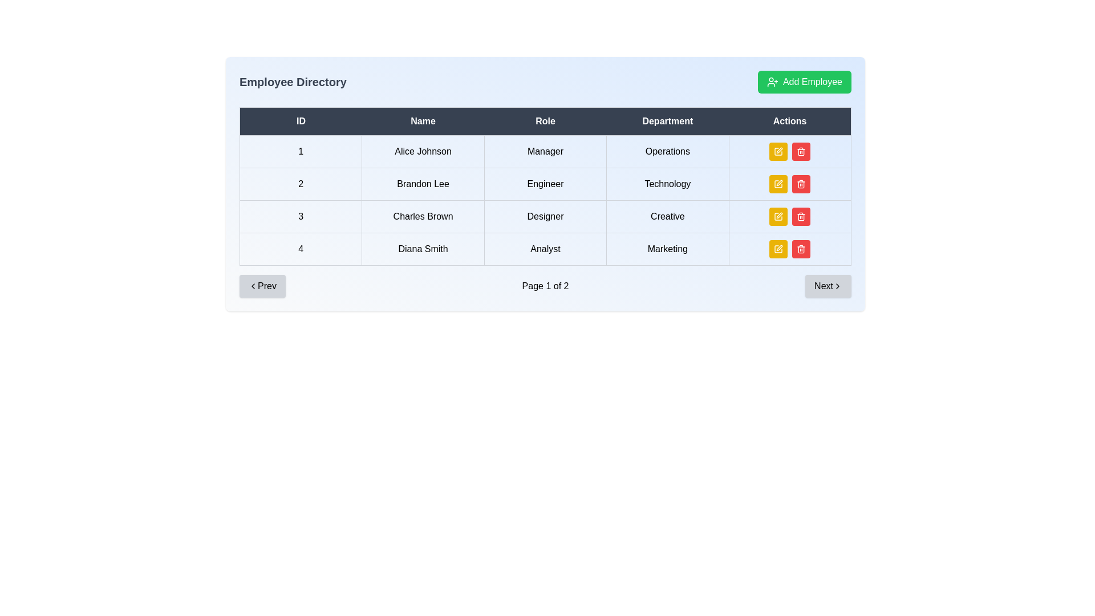 This screenshot has height=616, width=1095. I want to click on the 'Edit' icon button in the 'Actions' column for the row corresponding to 'Brandon Lee', so click(778, 184).